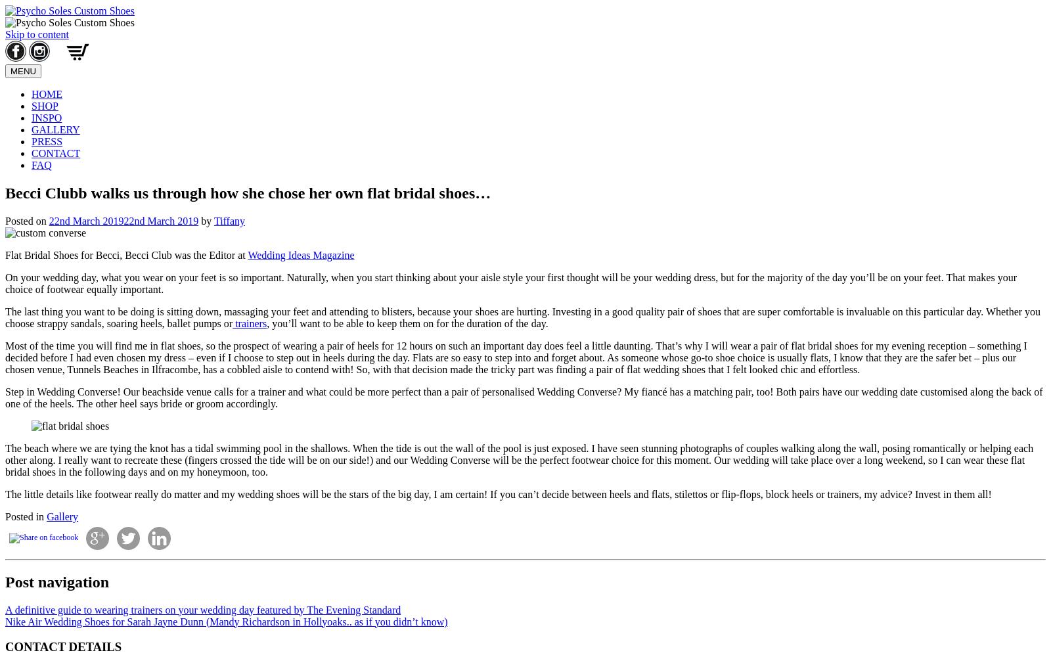 The height and width of the screenshot is (657, 1051). Describe the element at coordinates (125, 254) in the screenshot. I see `'Flat Bridal Shoes for Becci, Becci Club was the Editor at'` at that location.